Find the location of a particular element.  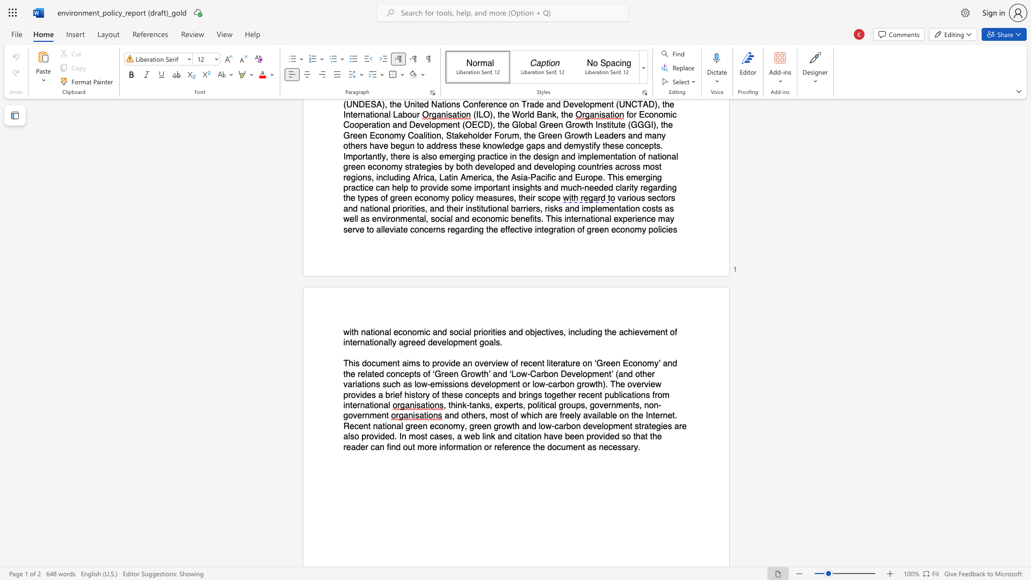

the subset text "iew provides a brief history of these con" within the text "This document aims to provide an overview of recent literature on ‘Green Economy’ and the related concepts of ‘Green Growth’ and ‘Low‐Carbon Development’ (and other variations such as low‐emissions development or low‐carbon growth). The overview provides a brief history of these concepts and brings together recent publications from international" is located at coordinates (648, 384).